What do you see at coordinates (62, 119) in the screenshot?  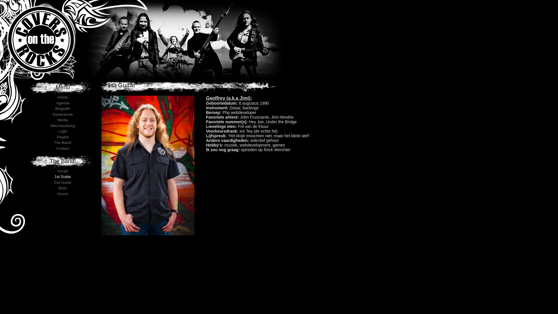 I see `'Media'` at bounding box center [62, 119].